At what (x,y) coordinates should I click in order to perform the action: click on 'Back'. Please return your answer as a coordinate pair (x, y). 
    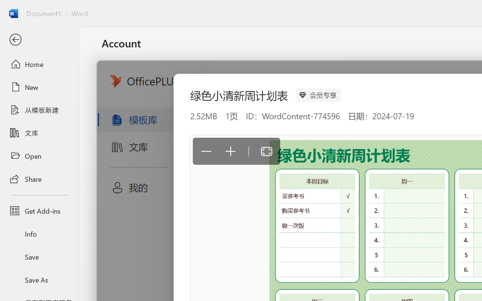
    Looking at the image, I should click on (39, 40).